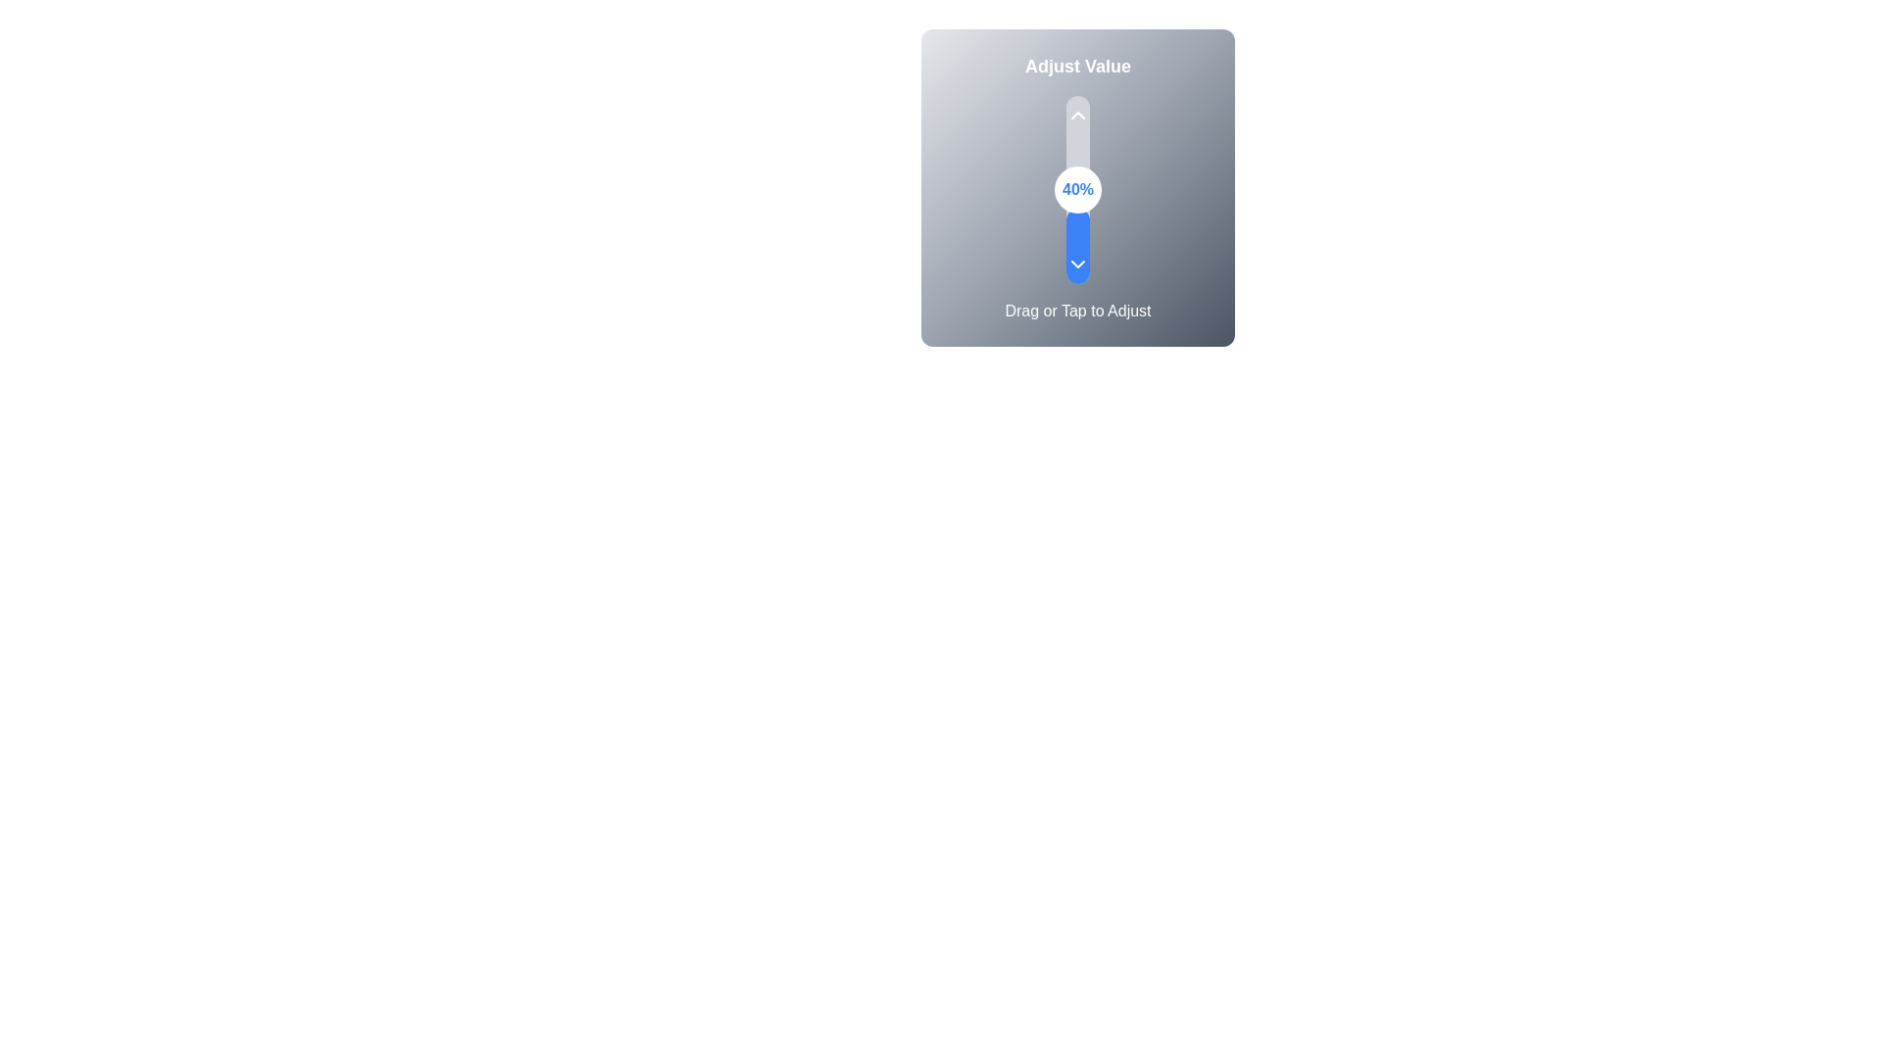  Describe the element at coordinates (1076, 189) in the screenshot. I see `the circular badge displaying '40%' with a white background and blue text, which is centered in the middle of the vertical slider interface` at that location.